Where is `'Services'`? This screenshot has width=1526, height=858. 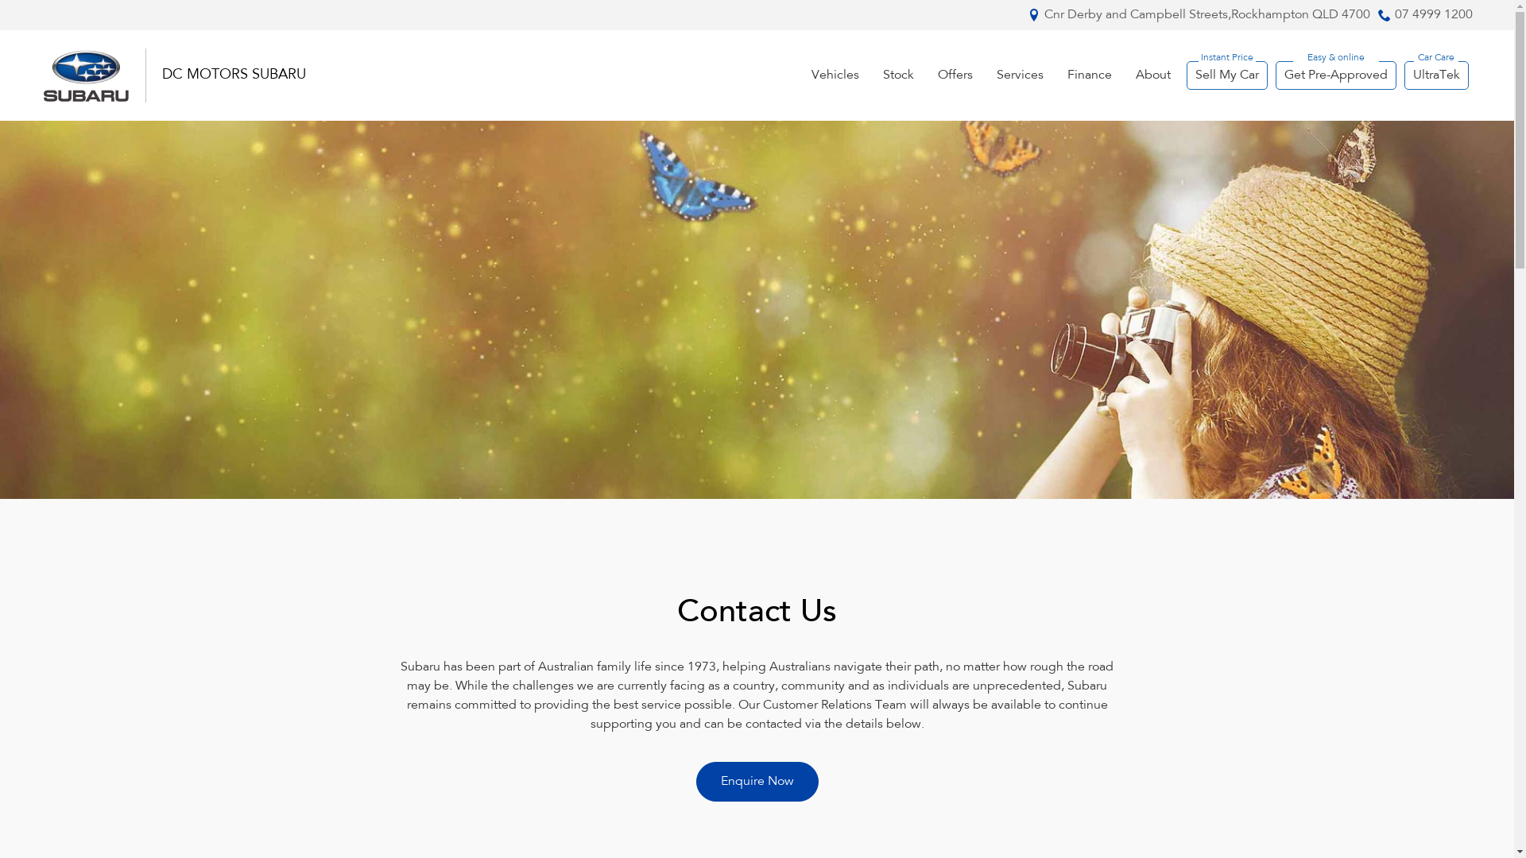 'Services' is located at coordinates (1019, 75).